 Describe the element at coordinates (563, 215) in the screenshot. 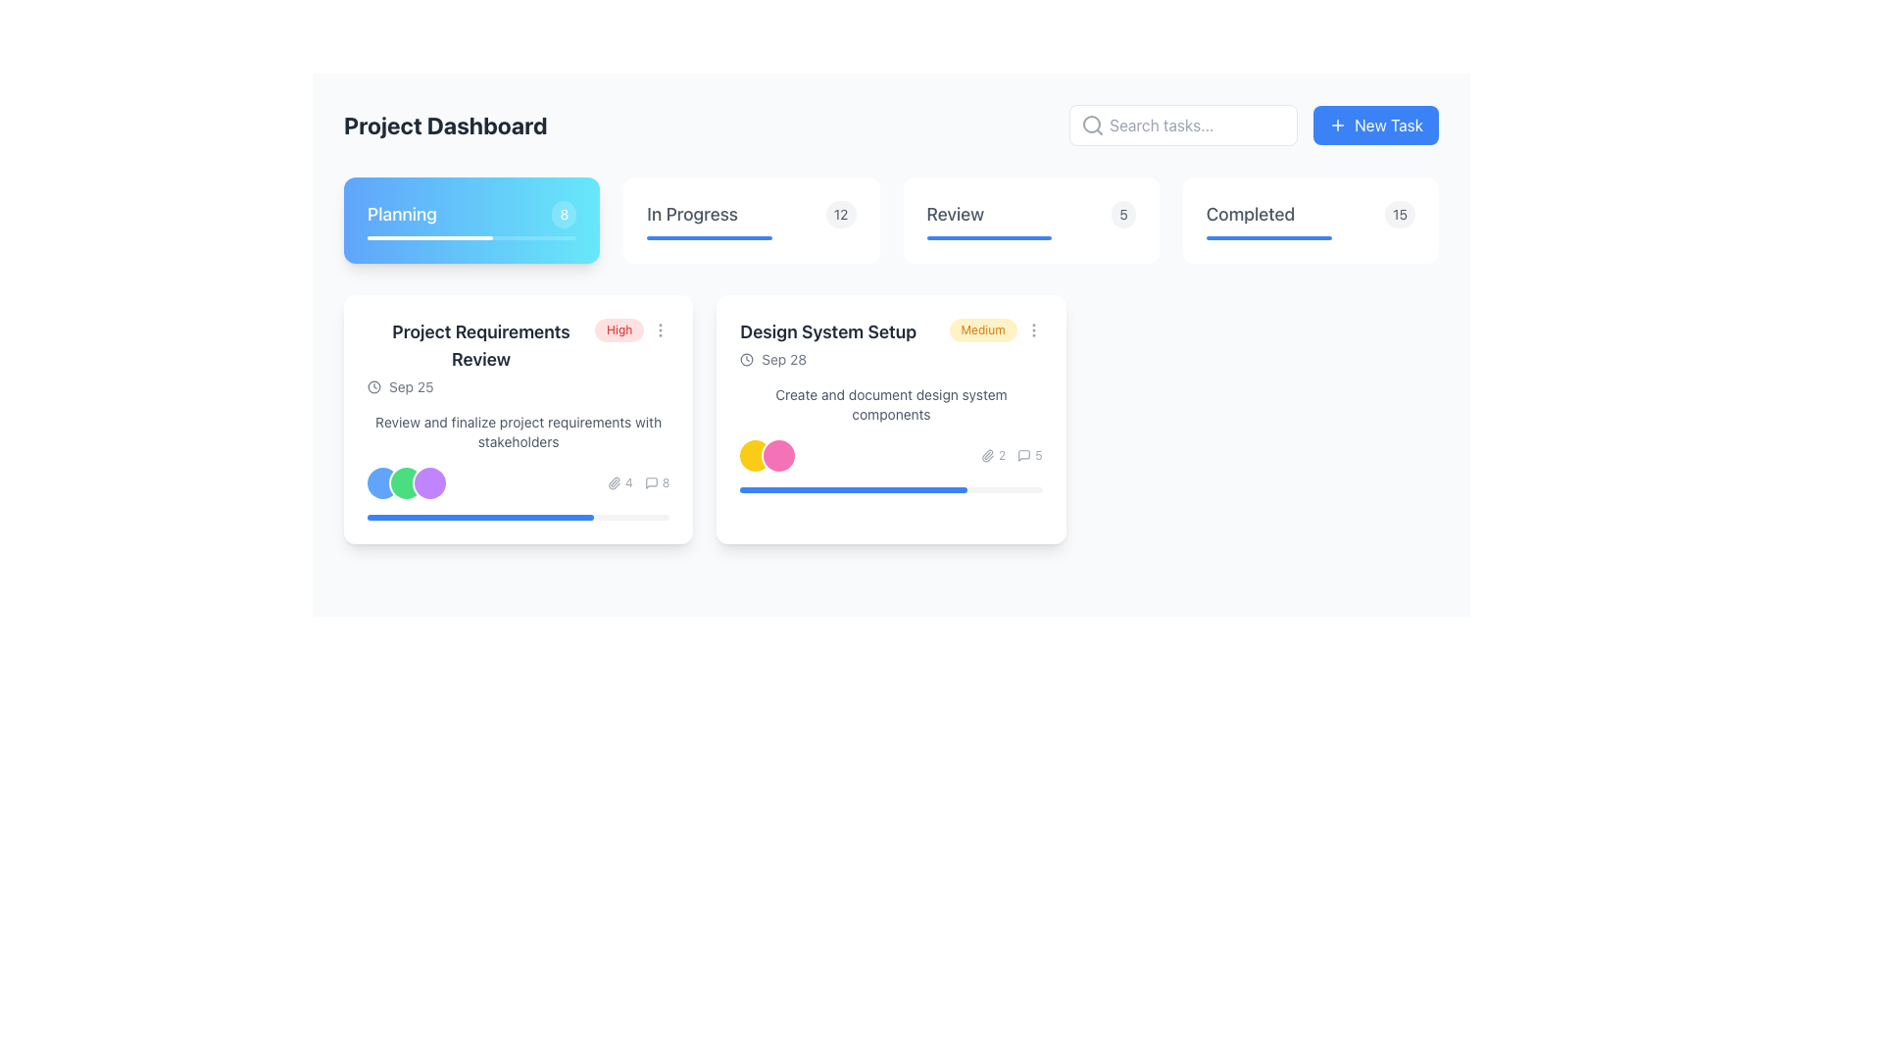

I see `the numeric counter displaying the value '8' associated with the 'Planning' category, which is located near the top-left quadrant of the dashboard, aligned horizontally next to the 'Planning' text label` at that location.